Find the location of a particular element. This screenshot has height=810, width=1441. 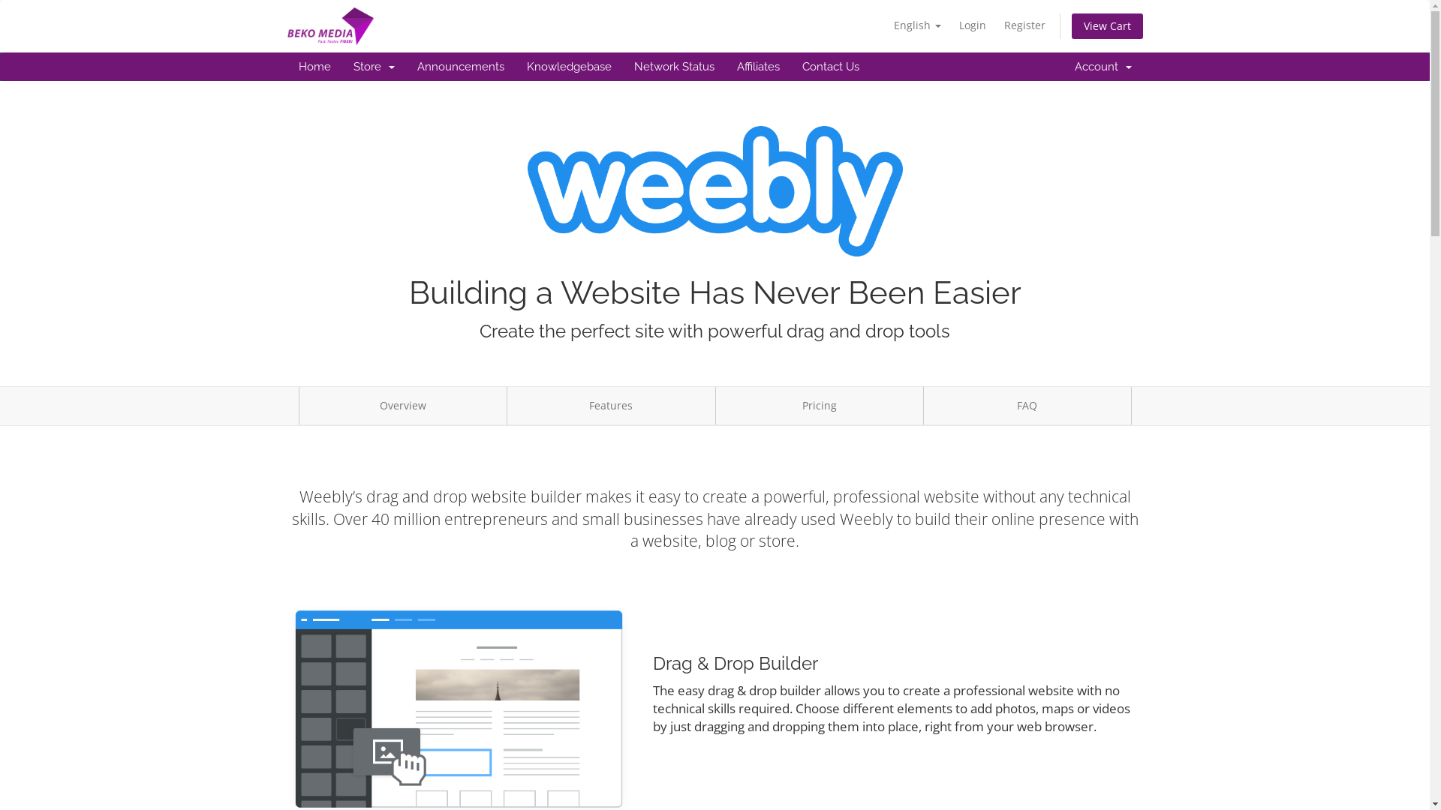

'Home' is located at coordinates (313, 65).